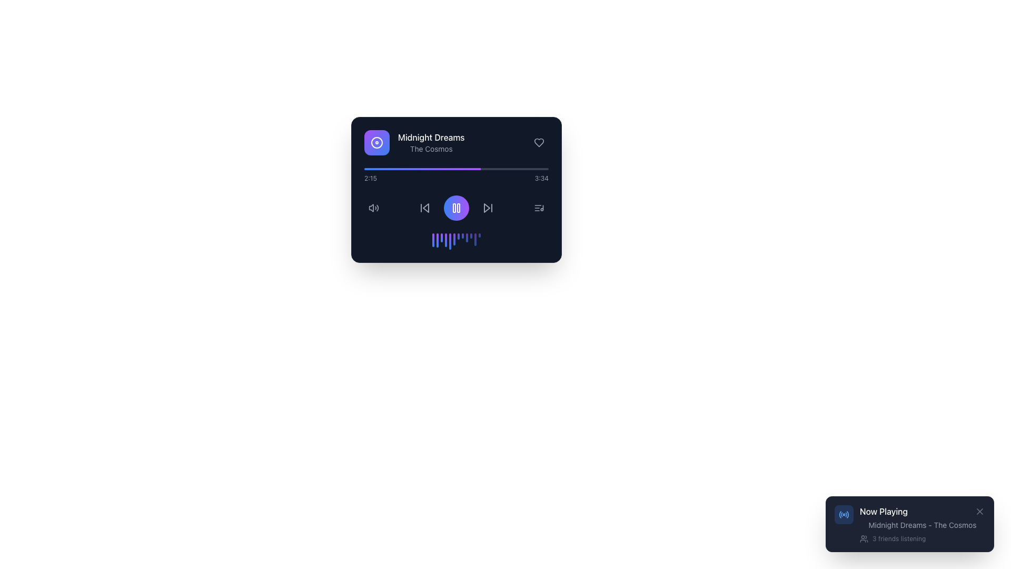 This screenshot has height=569, width=1011. What do you see at coordinates (437, 240) in the screenshot?
I see `the second vertical bar of the visual equalizer, which features a gradient color scheme from blue to purple and has rounded ends` at bounding box center [437, 240].